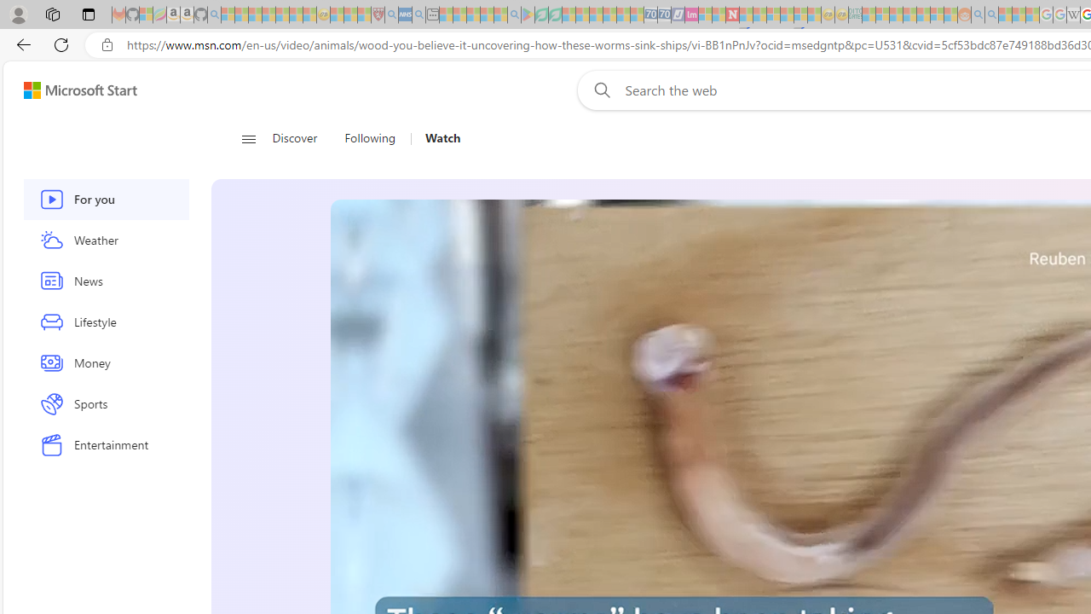 Image resolution: width=1091 pixels, height=614 pixels. Describe the element at coordinates (909, 14) in the screenshot. I see `'Expert Portfolios - Sleeping'` at that location.